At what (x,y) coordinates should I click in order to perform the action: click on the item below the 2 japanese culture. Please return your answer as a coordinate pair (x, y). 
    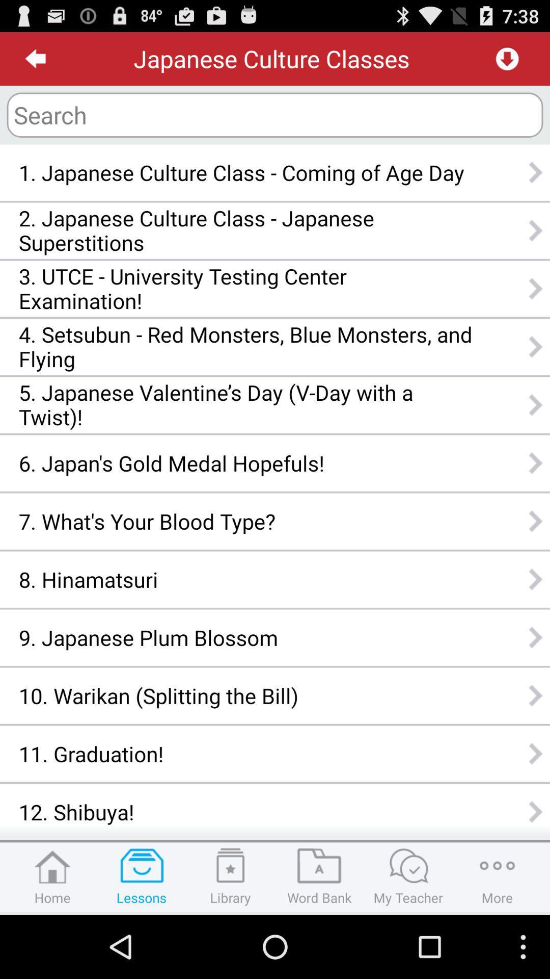
    Looking at the image, I should click on (245, 288).